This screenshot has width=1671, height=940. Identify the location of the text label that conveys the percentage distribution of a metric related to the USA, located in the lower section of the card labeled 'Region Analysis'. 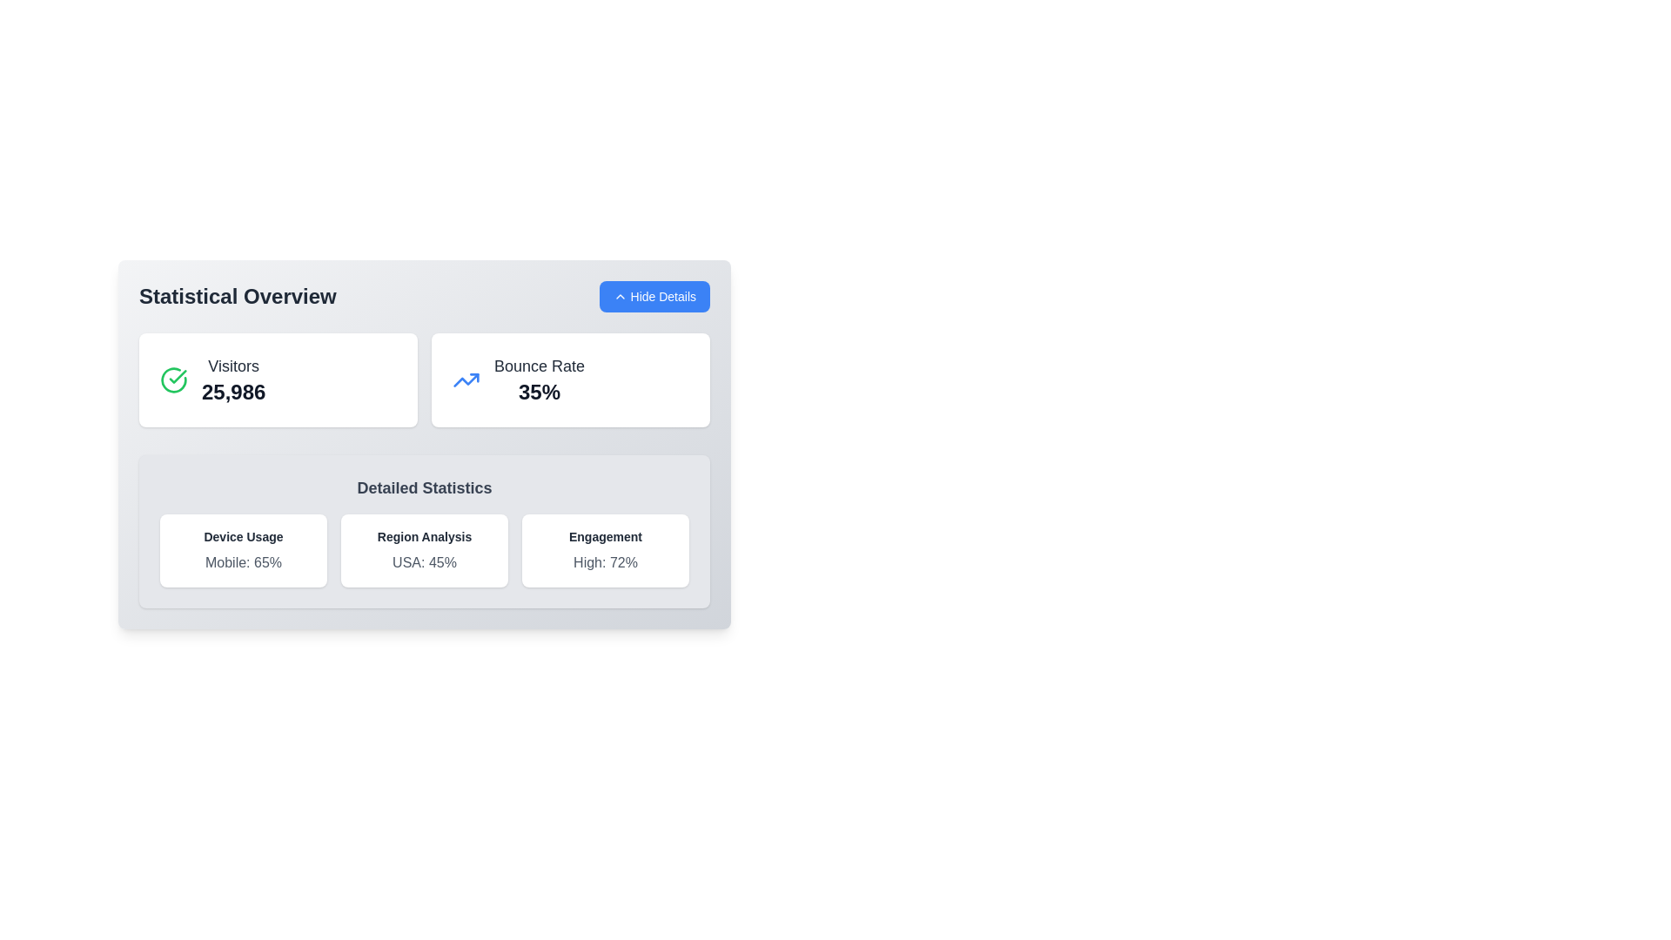
(425, 563).